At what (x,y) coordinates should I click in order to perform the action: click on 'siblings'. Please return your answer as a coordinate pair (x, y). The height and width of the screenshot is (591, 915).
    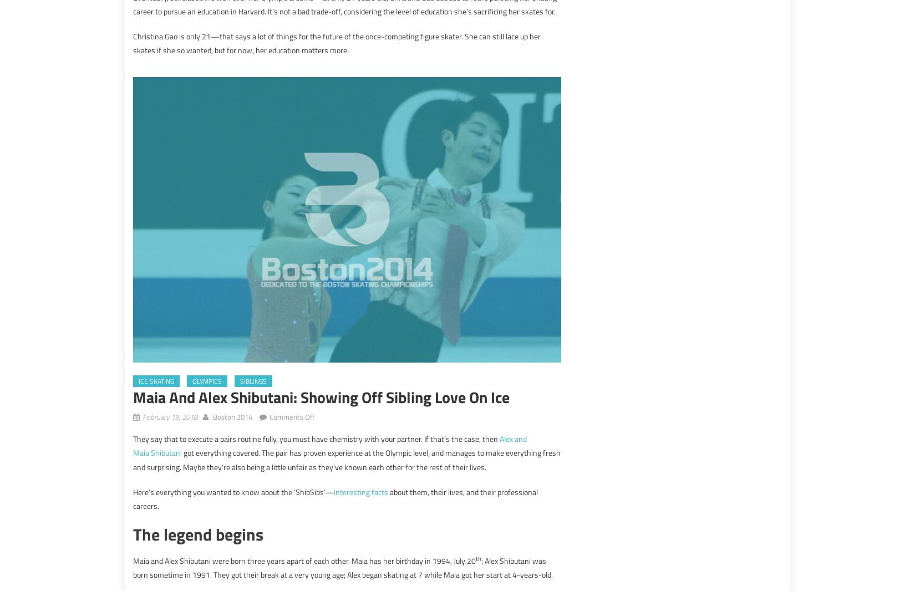
    Looking at the image, I should click on (253, 380).